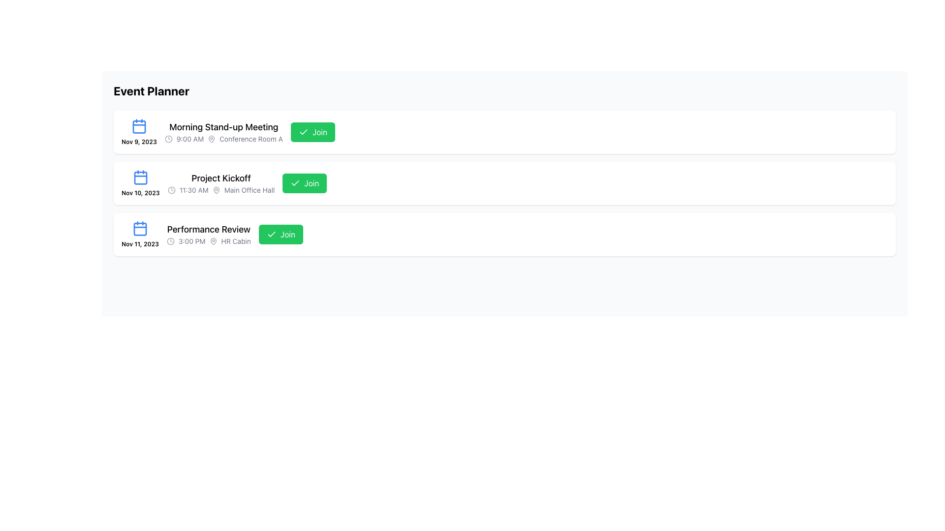 This screenshot has height=531, width=945. What do you see at coordinates (140, 178) in the screenshot?
I see `the blue calendar icon with a rounded rectangle cutout, located on the left side of the entry labeled 'Nov 11, 2023 Performance Review.'` at bounding box center [140, 178].